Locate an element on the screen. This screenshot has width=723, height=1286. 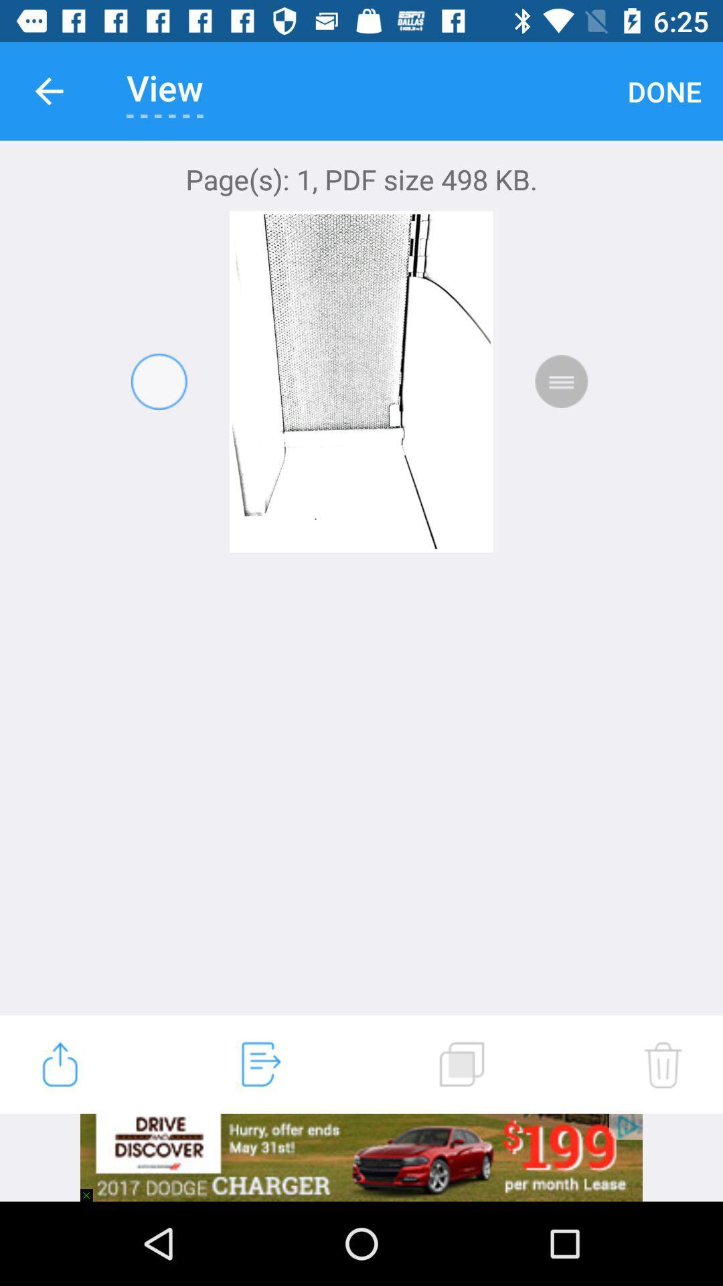
item next to the view item is located at coordinates (48, 90).